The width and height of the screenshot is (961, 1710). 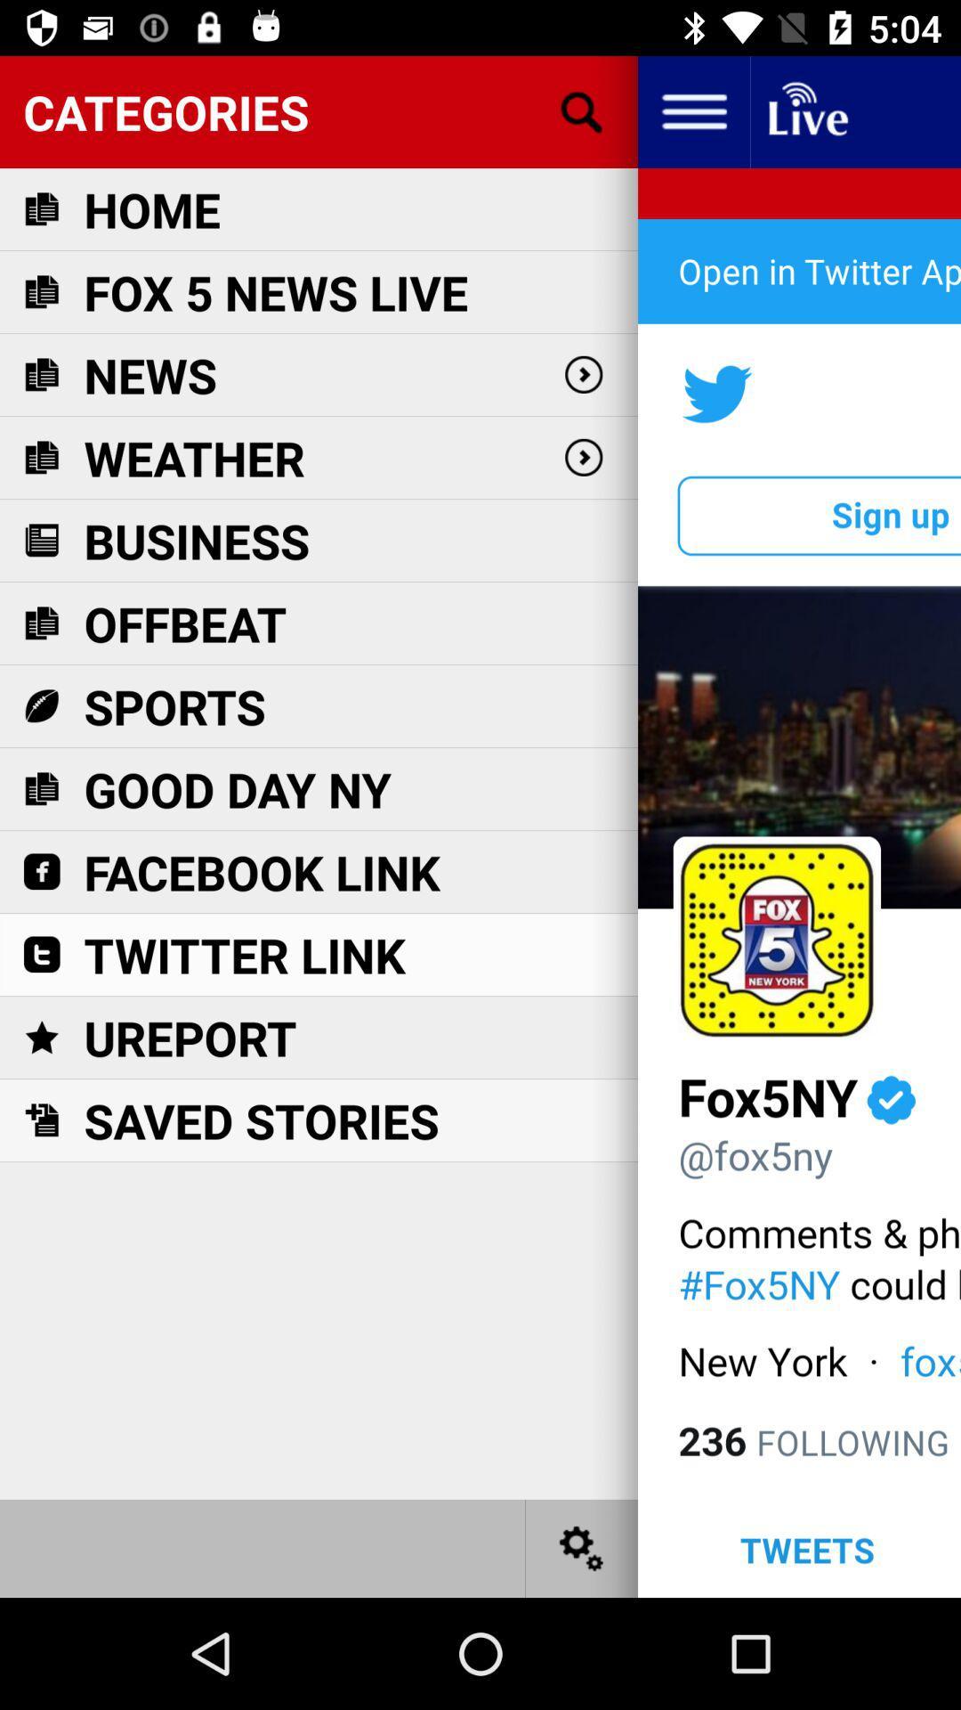 What do you see at coordinates (582, 1547) in the screenshot?
I see `settings menu` at bounding box center [582, 1547].